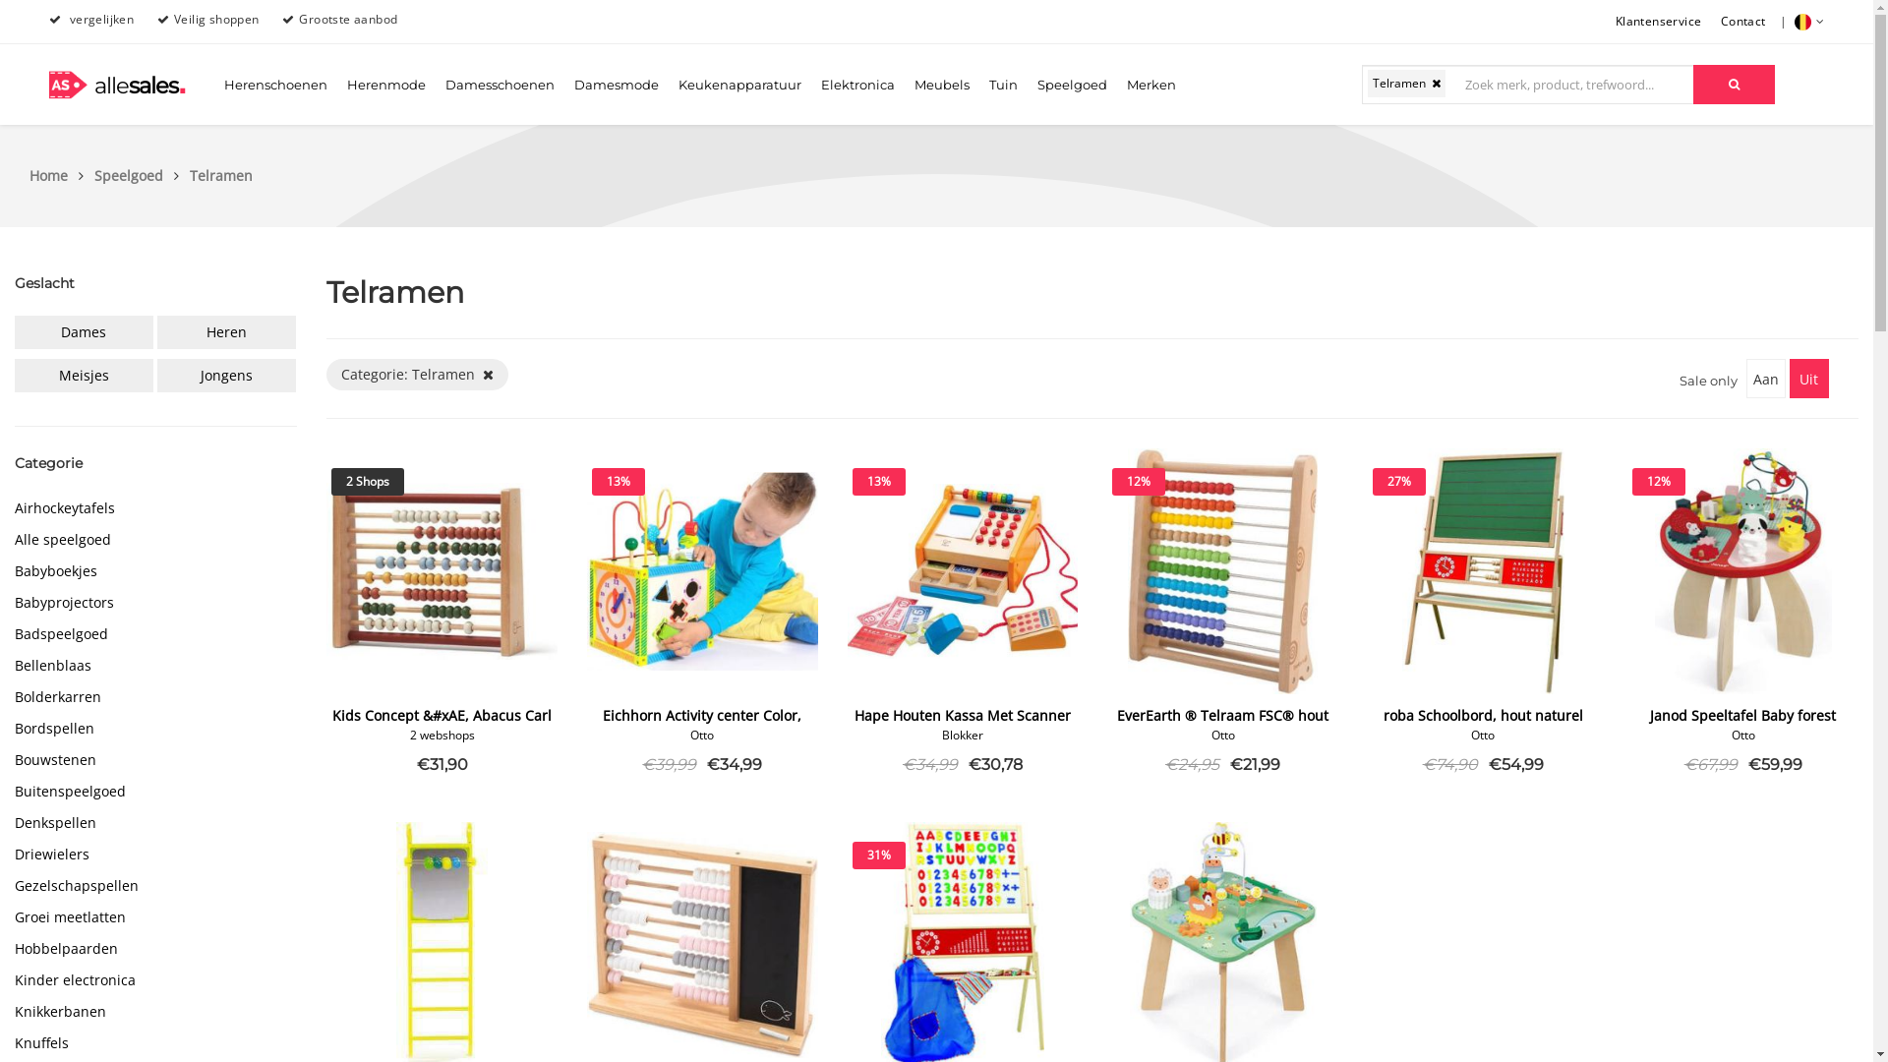 The width and height of the screenshot is (1888, 1062). I want to click on 'Speelgoed', so click(139, 174).